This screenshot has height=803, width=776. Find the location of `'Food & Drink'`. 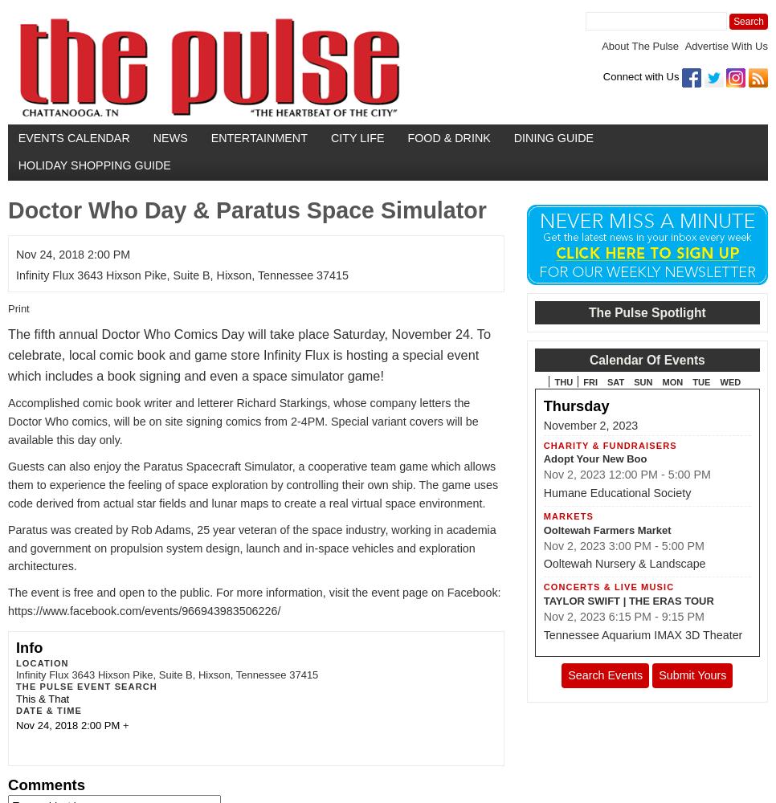

'Food & Drink' is located at coordinates (447, 137).